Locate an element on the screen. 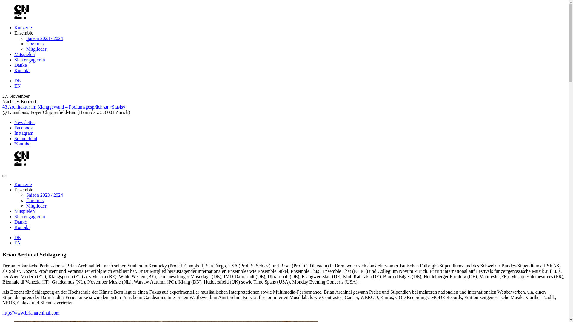 Image resolution: width=573 pixels, height=322 pixels. 'Konzerte' is located at coordinates (14, 27).